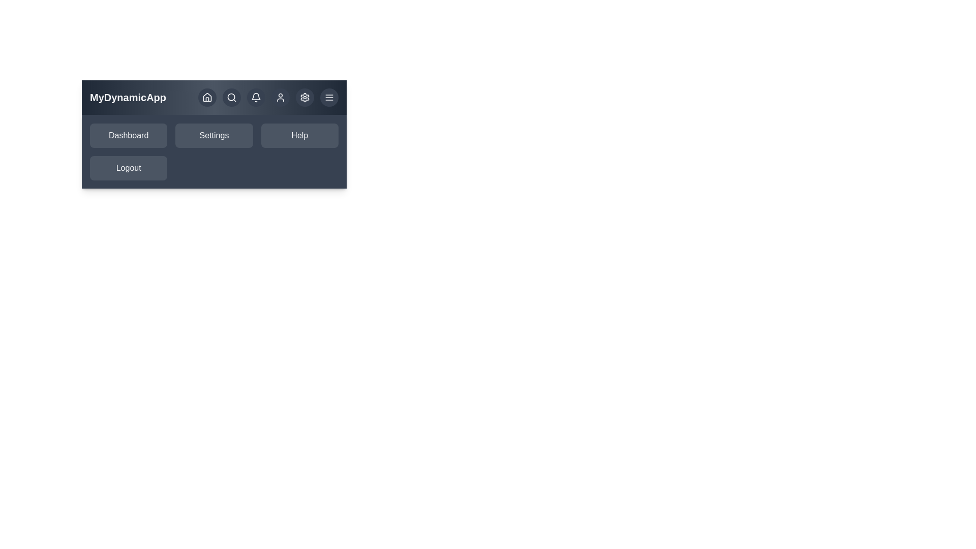 The image size is (976, 549). I want to click on menu toggle button to expand or collapse the menu, so click(329, 98).